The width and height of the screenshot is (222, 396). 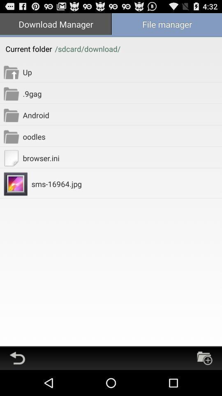 What do you see at coordinates (17, 383) in the screenshot?
I see `the undo icon` at bounding box center [17, 383].